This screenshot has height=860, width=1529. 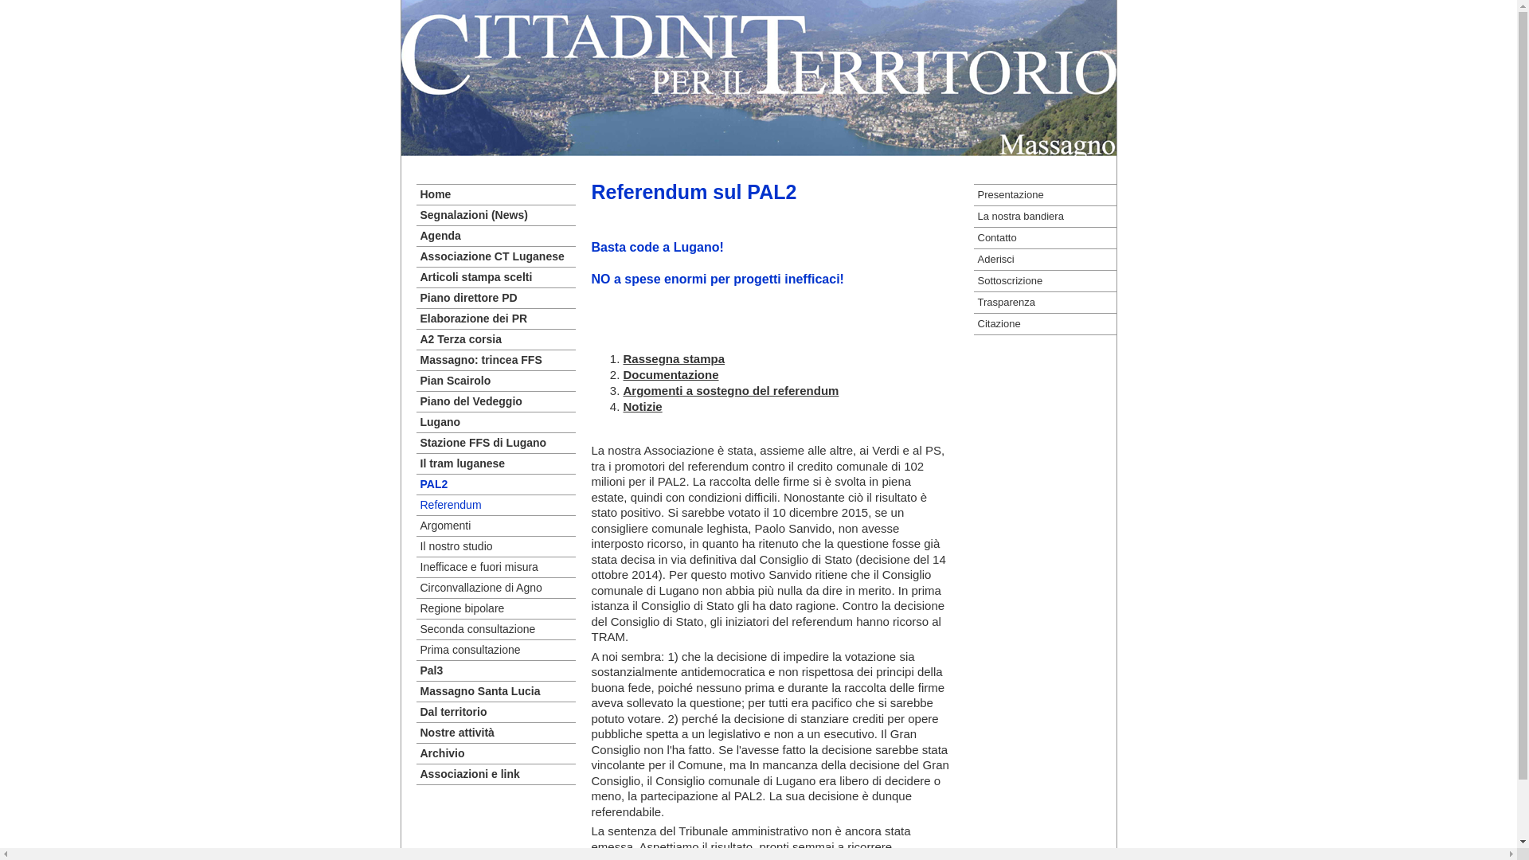 What do you see at coordinates (495, 505) in the screenshot?
I see `'Referendum'` at bounding box center [495, 505].